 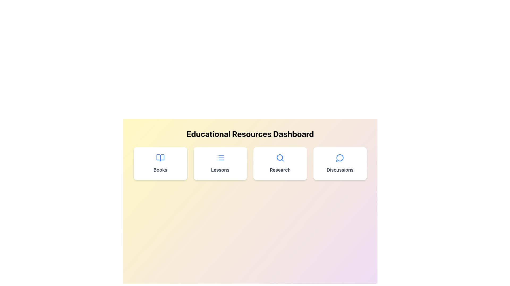 What do you see at coordinates (339, 158) in the screenshot?
I see `the Discussions icon, which visually represents the Discussions feature, located in the fourth position of the horizontal row of cards on the dashboard` at bounding box center [339, 158].